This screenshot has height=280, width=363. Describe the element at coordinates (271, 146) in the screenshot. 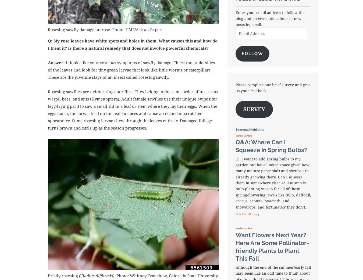

I see `'Q&A: Where Can I Squeeze In Spring Bulbs?'` at that location.